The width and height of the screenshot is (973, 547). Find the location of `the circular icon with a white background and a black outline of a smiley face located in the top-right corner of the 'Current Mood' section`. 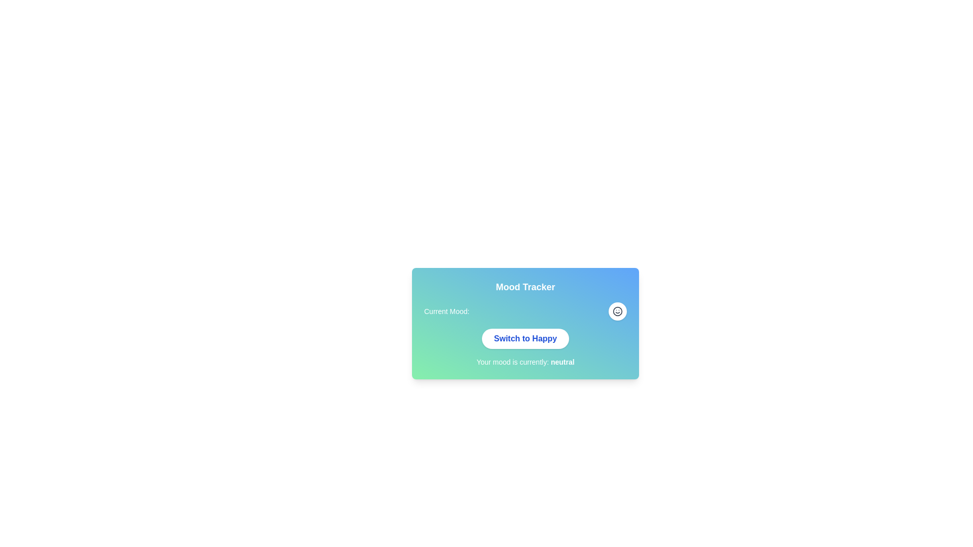

the circular icon with a white background and a black outline of a smiley face located in the top-right corner of the 'Current Mood' section is located at coordinates (617, 310).